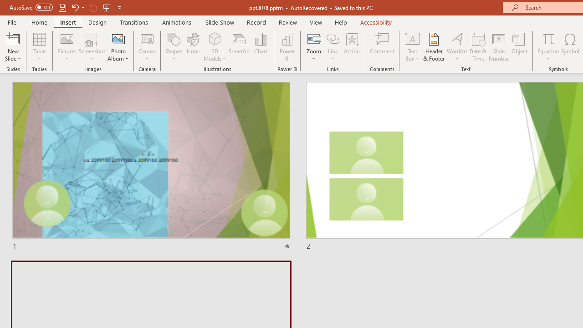 This screenshot has width=583, height=328. Describe the element at coordinates (287, 22) in the screenshot. I see `'Review'` at that location.